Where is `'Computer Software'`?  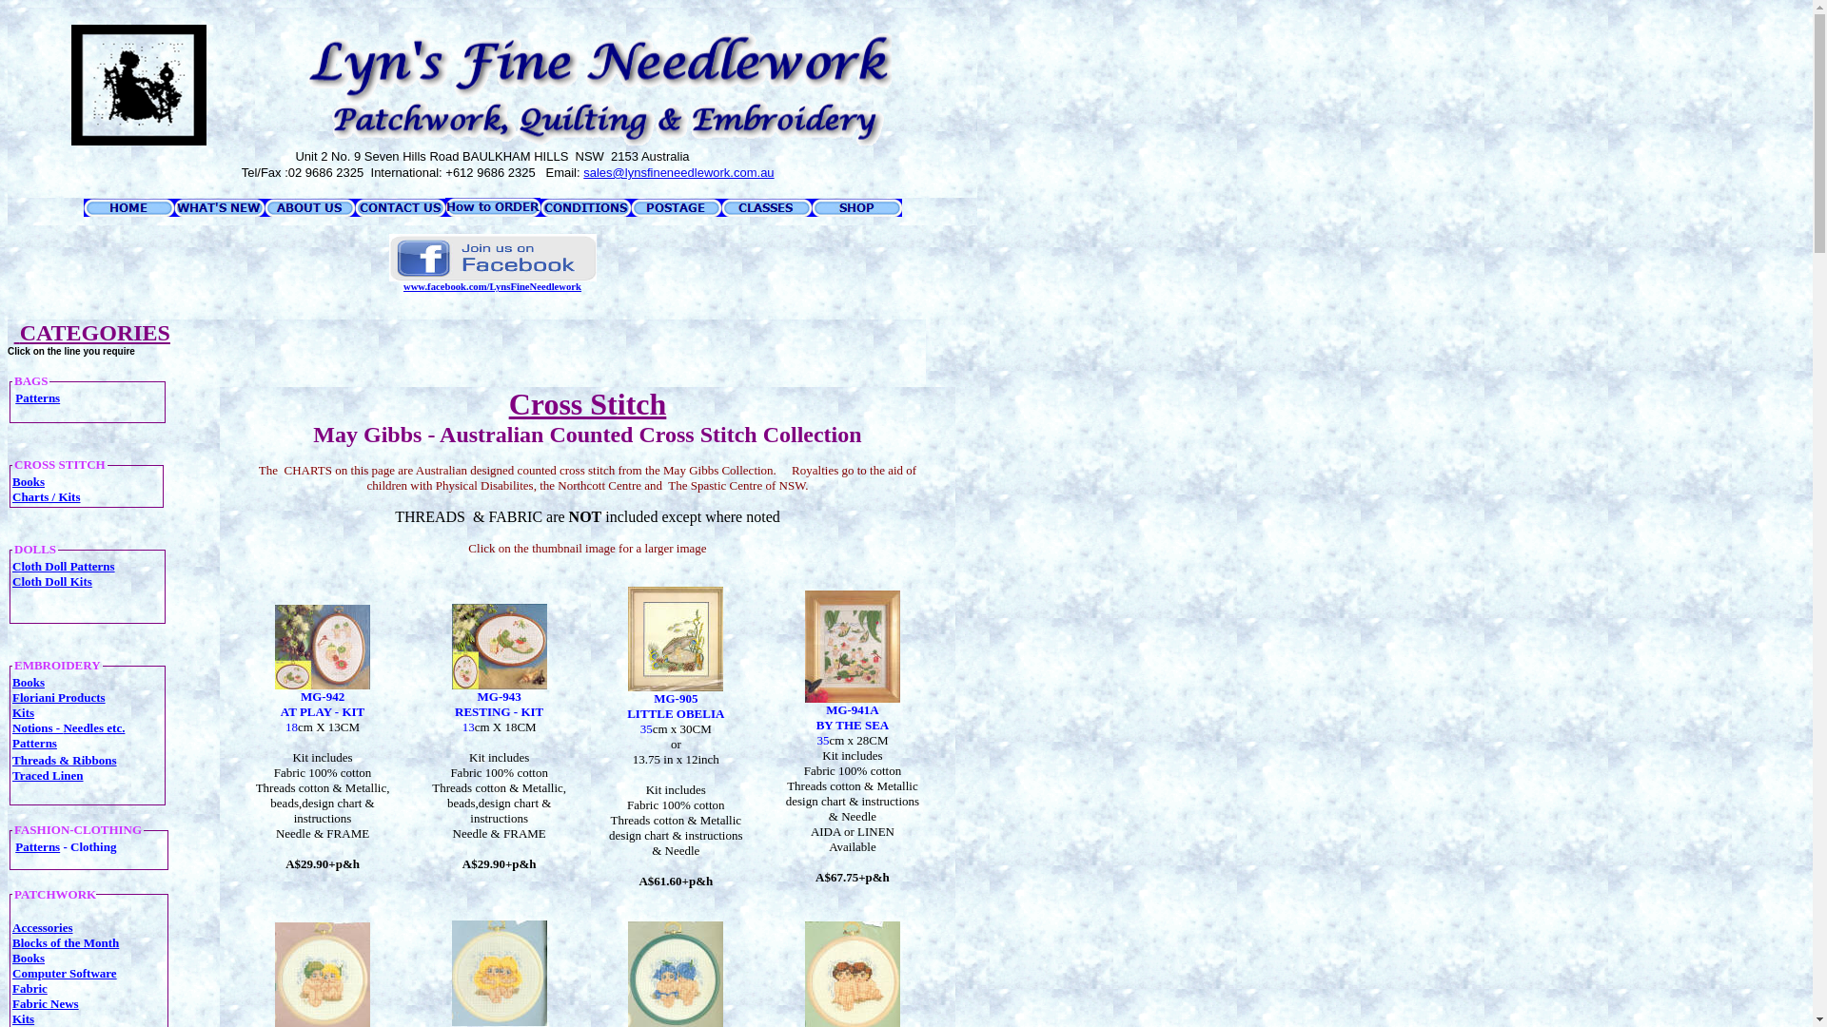
'Computer Software' is located at coordinates (12, 973).